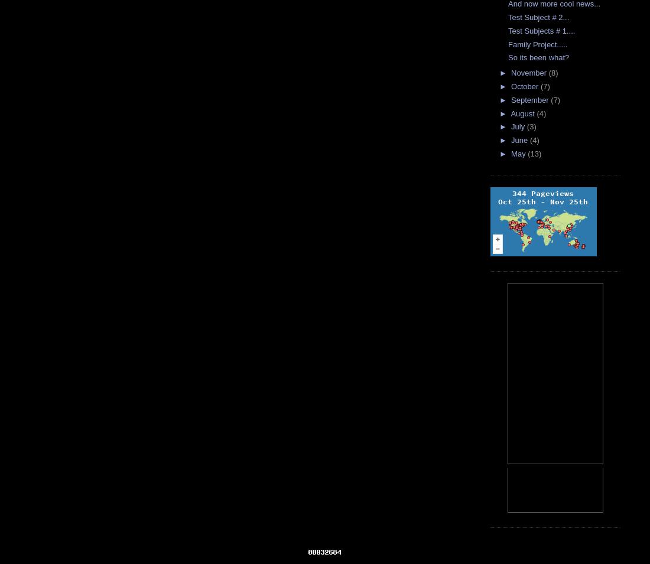 This screenshot has width=650, height=564. Describe the element at coordinates (552, 72) in the screenshot. I see `'(8)'` at that location.